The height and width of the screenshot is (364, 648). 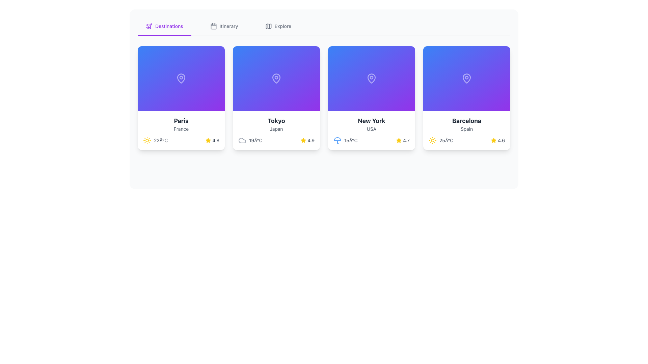 I want to click on the static text element displaying '19°C' in gray font within the weather information section of the Tokyo card, so click(x=255, y=140).